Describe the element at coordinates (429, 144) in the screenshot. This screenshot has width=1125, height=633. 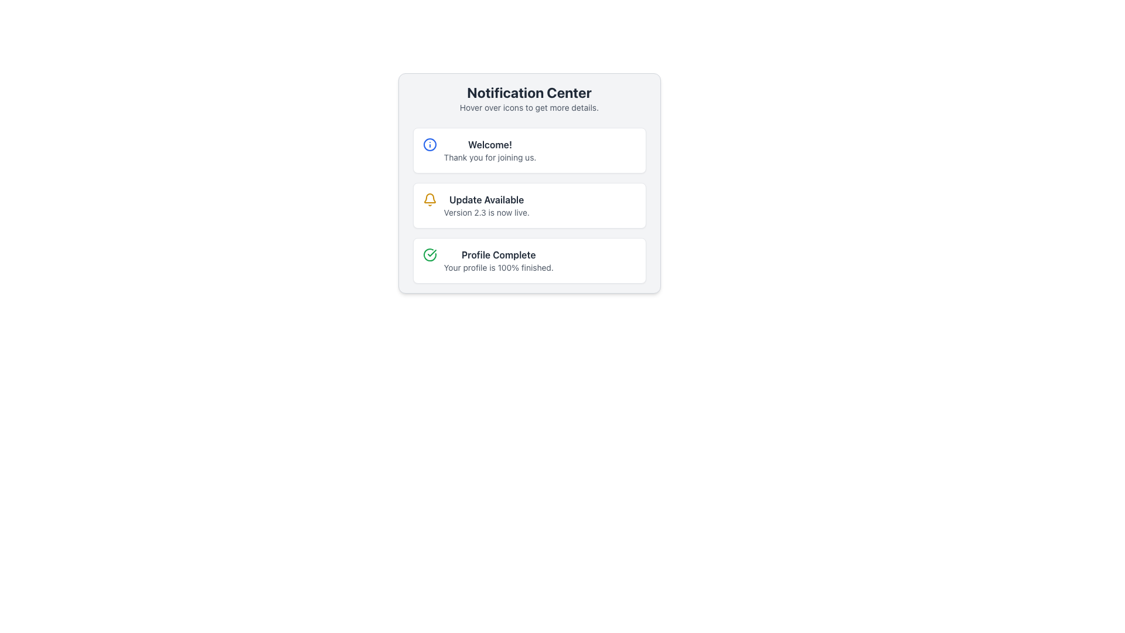
I see `the blue circular icon element within the SVG, located to the left of the 'Welcome!' notification` at that location.